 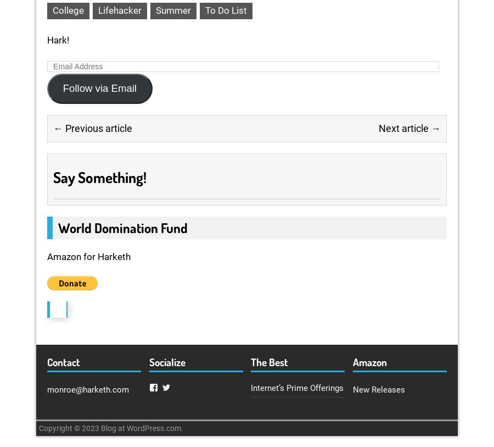 What do you see at coordinates (58, 227) in the screenshot?
I see `'World Domination Fund'` at bounding box center [58, 227].